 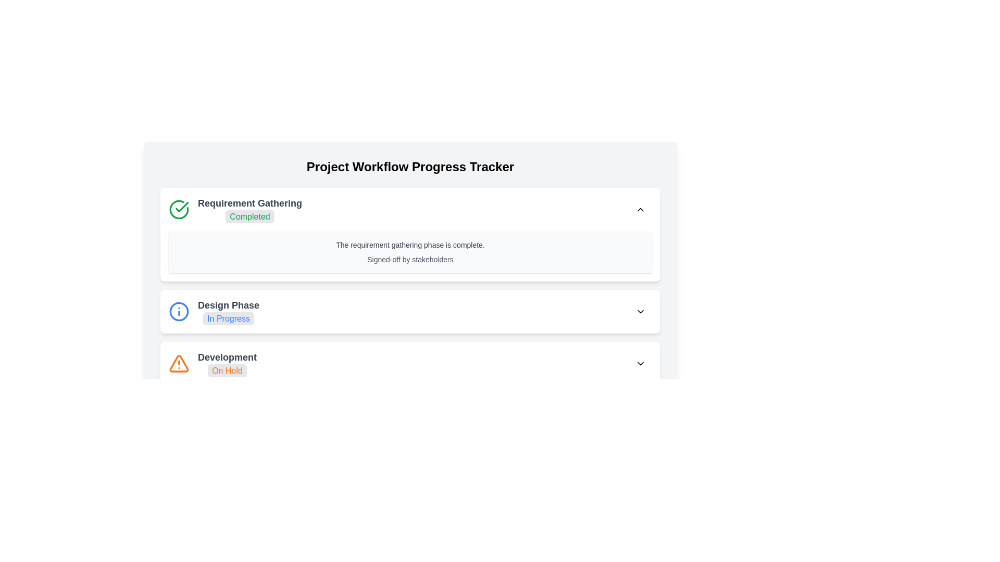 What do you see at coordinates (182, 207) in the screenshot?
I see `the small green checkmark icon inside a circular outline in the 'Requirement Gathering' section, indicating completion` at bounding box center [182, 207].